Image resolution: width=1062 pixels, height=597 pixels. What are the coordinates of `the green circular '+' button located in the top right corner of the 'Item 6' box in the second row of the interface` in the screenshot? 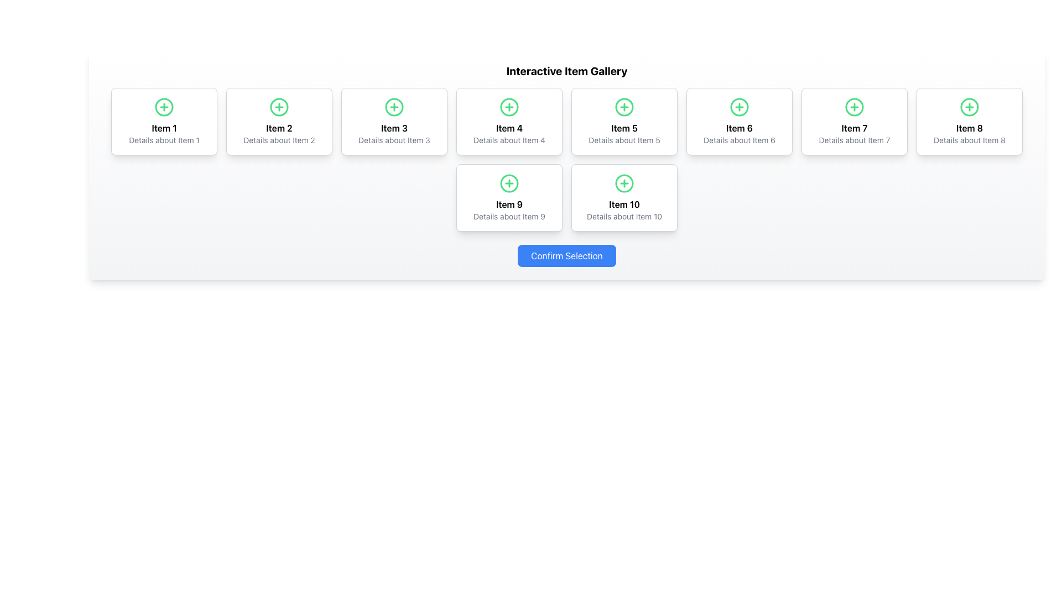 It's located at (740, 107).